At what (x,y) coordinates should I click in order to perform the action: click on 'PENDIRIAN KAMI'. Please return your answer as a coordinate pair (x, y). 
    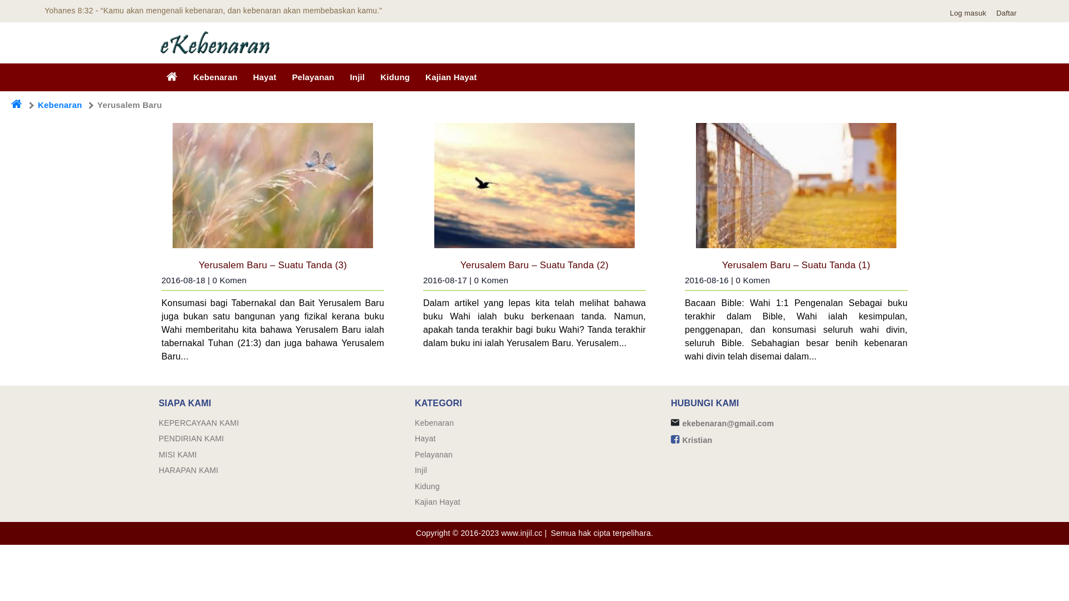
    Looking at the image, I should click on (191, 437).